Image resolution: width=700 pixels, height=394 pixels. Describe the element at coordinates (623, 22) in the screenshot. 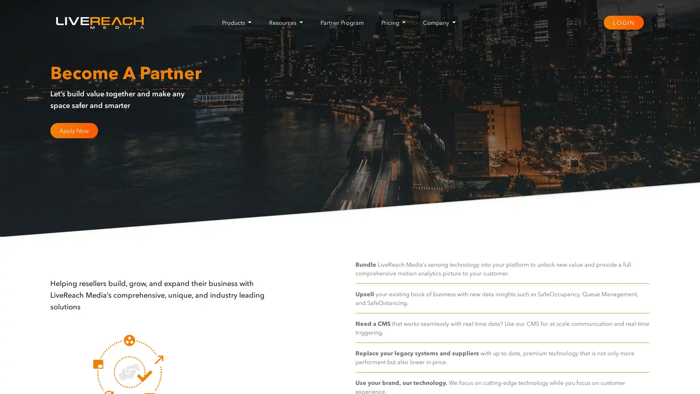

I see `LOGIN` at that location.